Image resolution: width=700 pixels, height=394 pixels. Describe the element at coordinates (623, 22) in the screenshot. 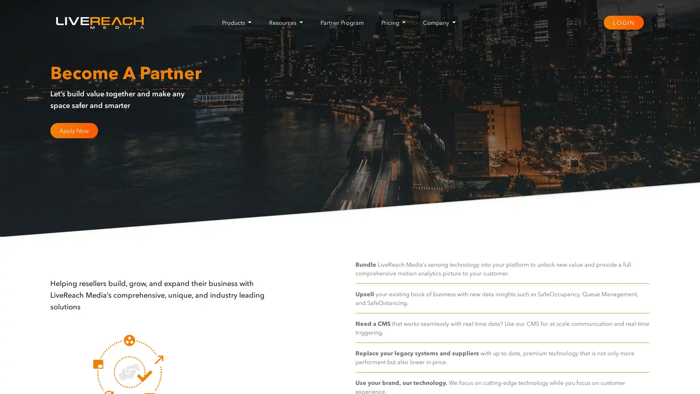

I see `LOGIN` at that location.